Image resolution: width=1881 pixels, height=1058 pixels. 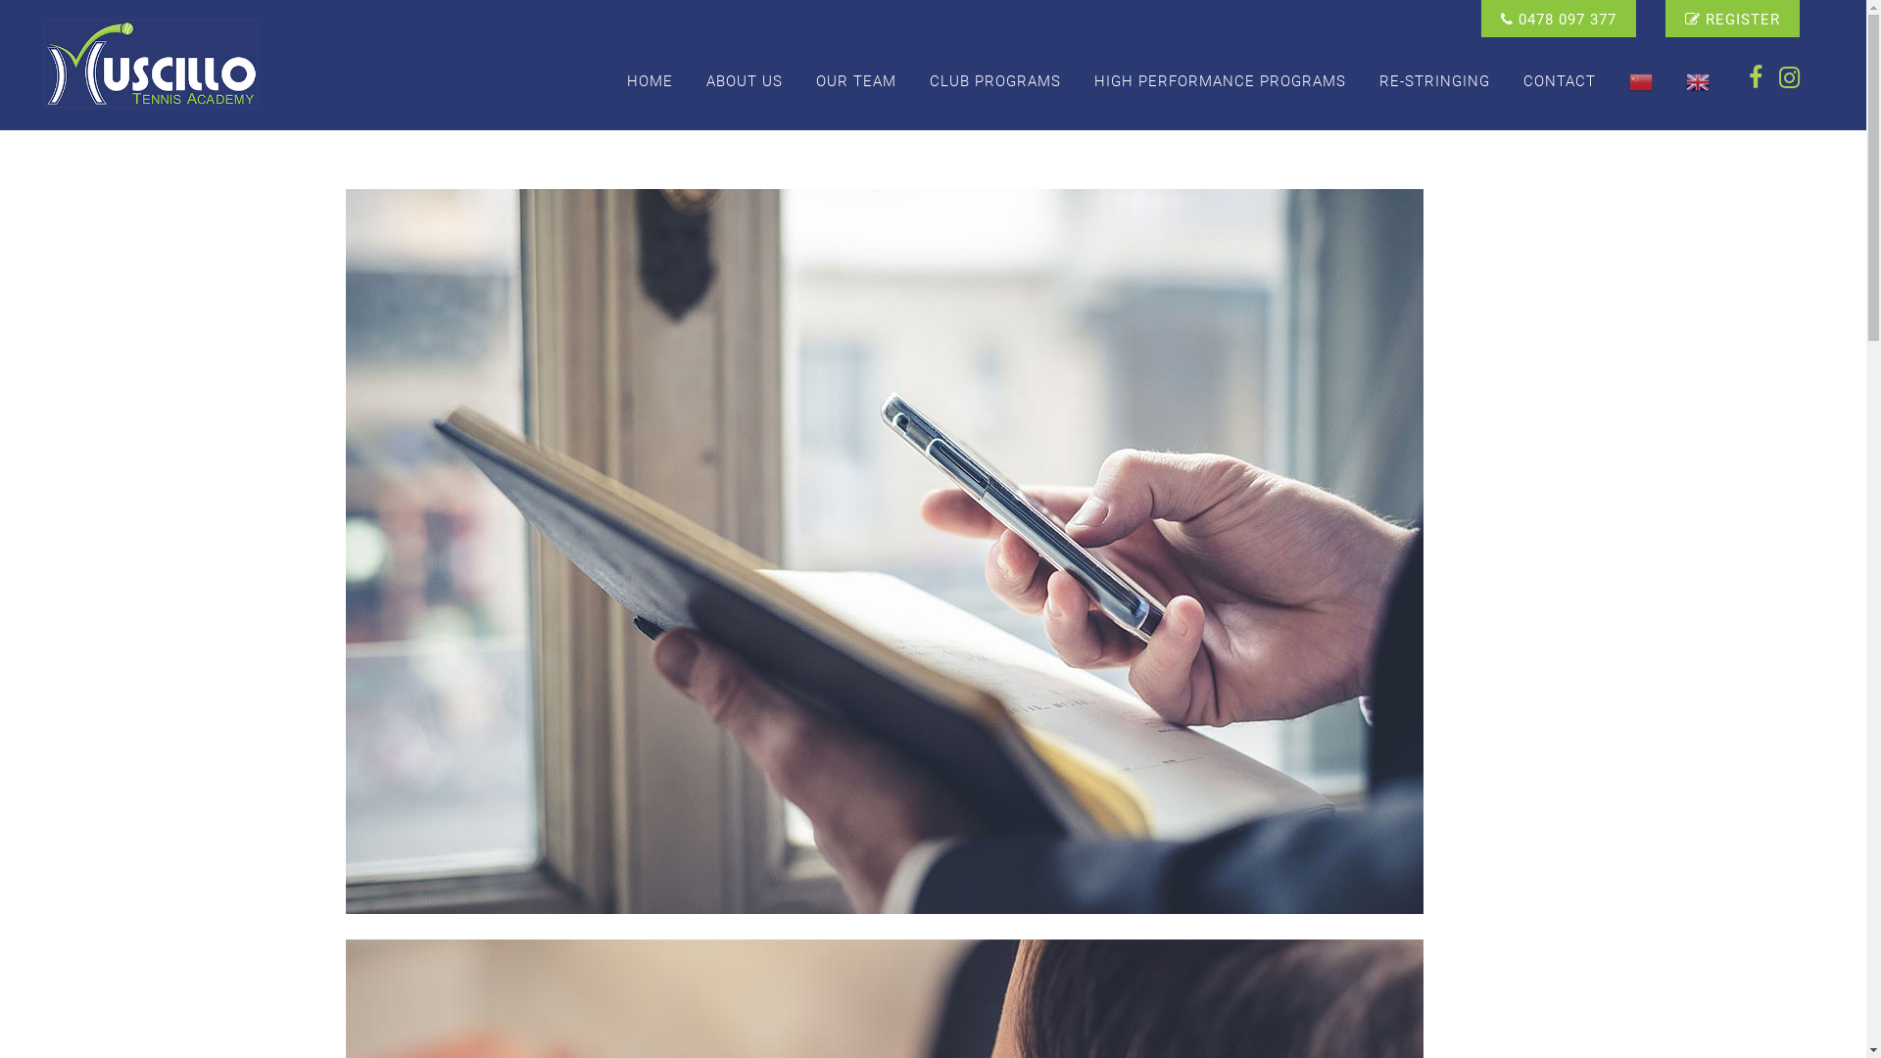 I want to click on 'ABOUT US', so click(x=743, y=80).